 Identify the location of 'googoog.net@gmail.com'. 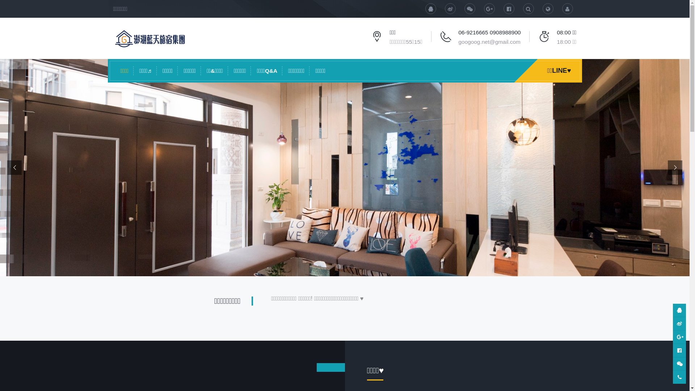
(489, 42).